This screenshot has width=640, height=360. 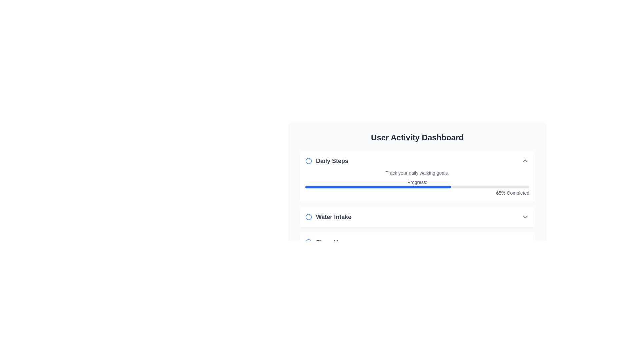 I want to click on the Informational card titled 'Daily Steps' which features a progress bar and displays '65% Completed' on the right, located in the 'User Activity Dashboard.', so click(x=417, y=176).